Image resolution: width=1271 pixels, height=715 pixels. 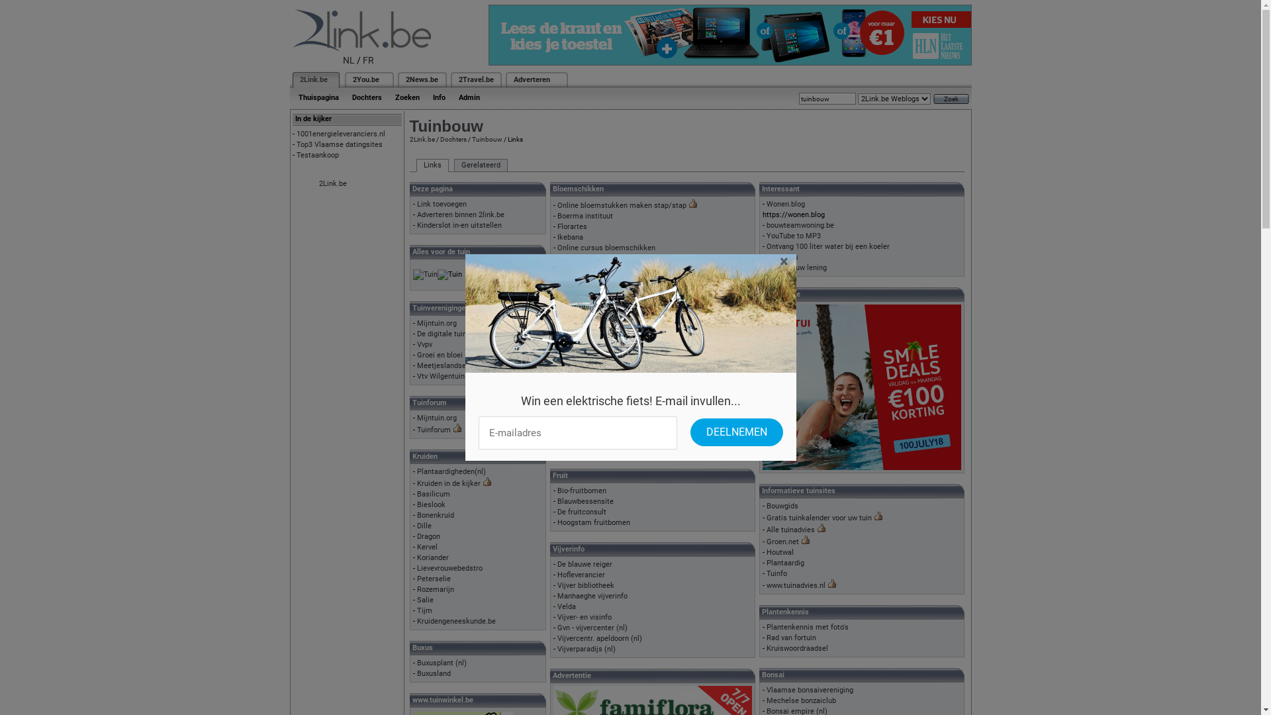 What do you see at coordinates (387, 97) in the screenshot?
I see `'Zoeken'` at bounding box center [387, 97].